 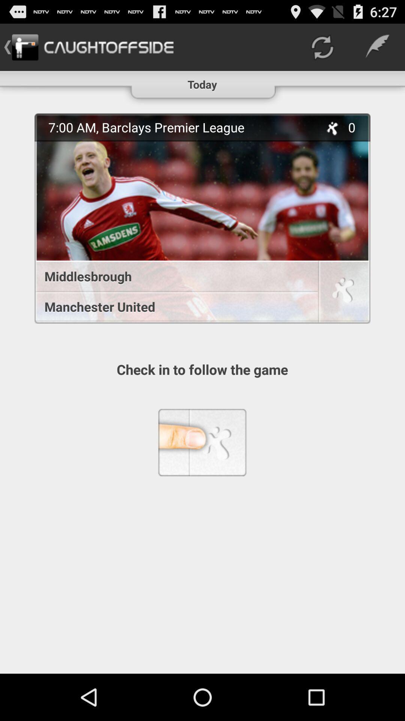 I want to click on the icon below middlesbrough app, so click(x=172, y=306).